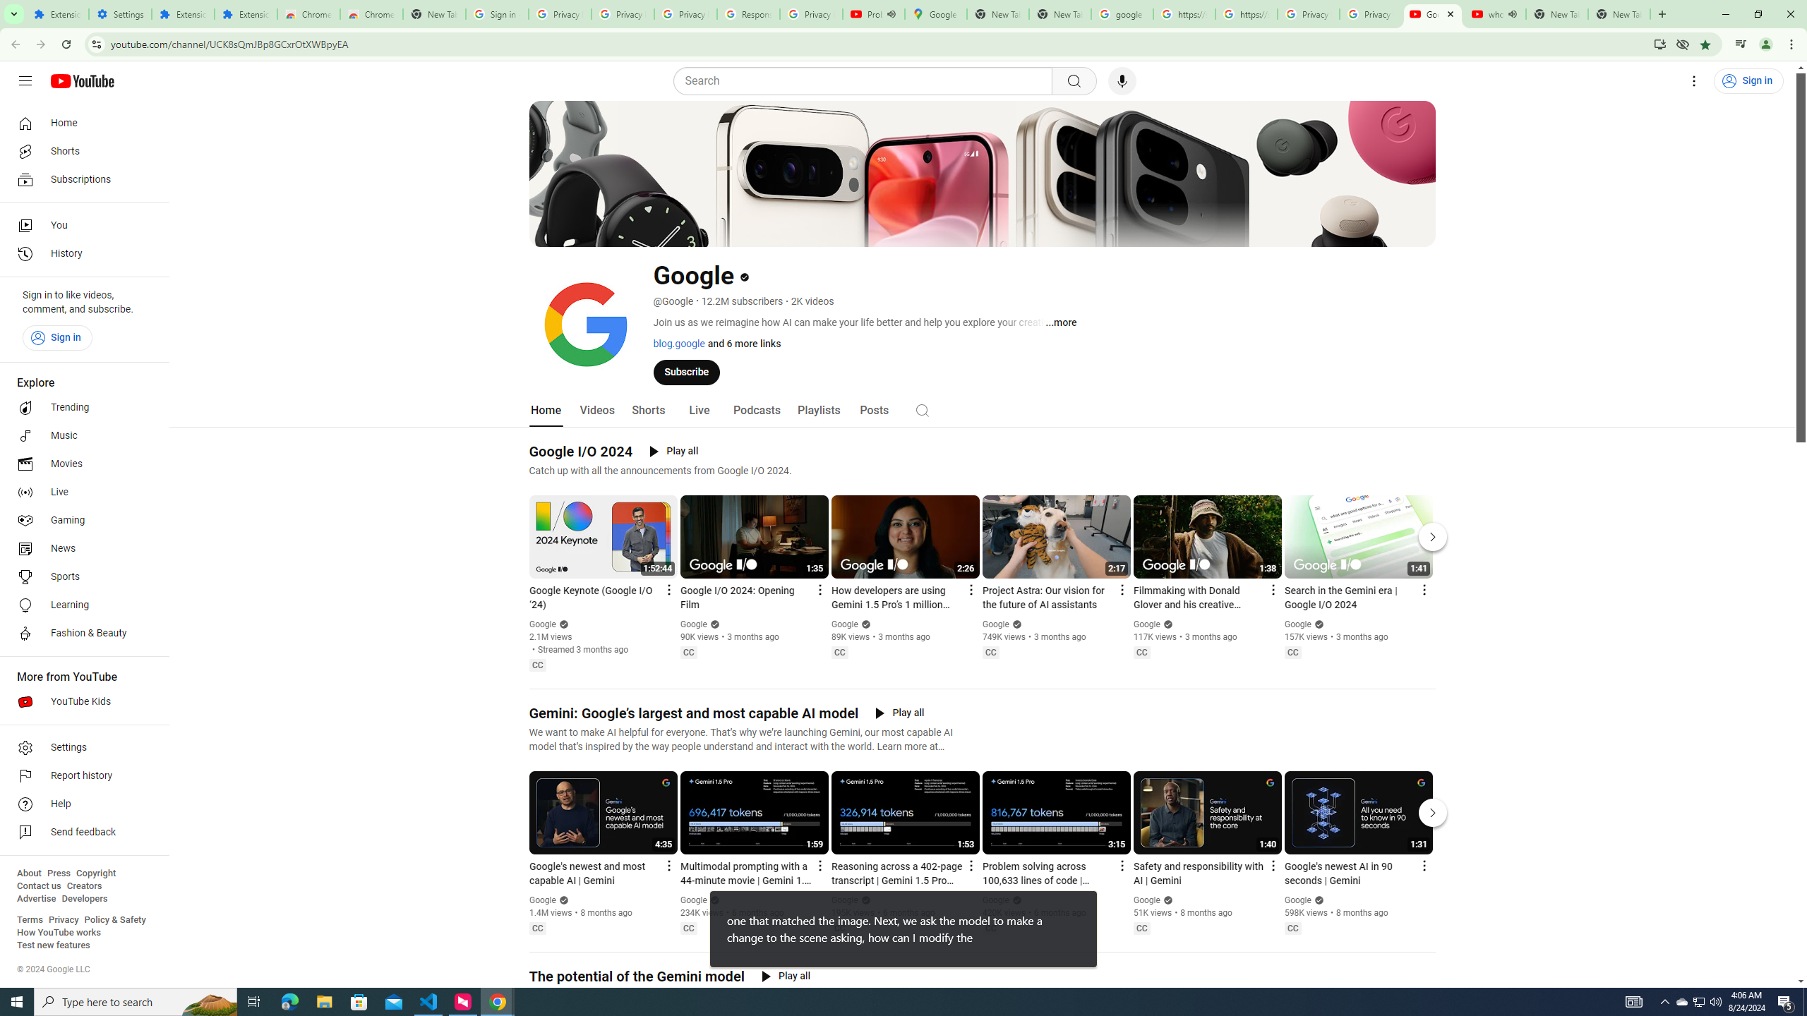  Describe the element at coordinates (66, 44) in the screenshot. I see `'Reload'` at that location.